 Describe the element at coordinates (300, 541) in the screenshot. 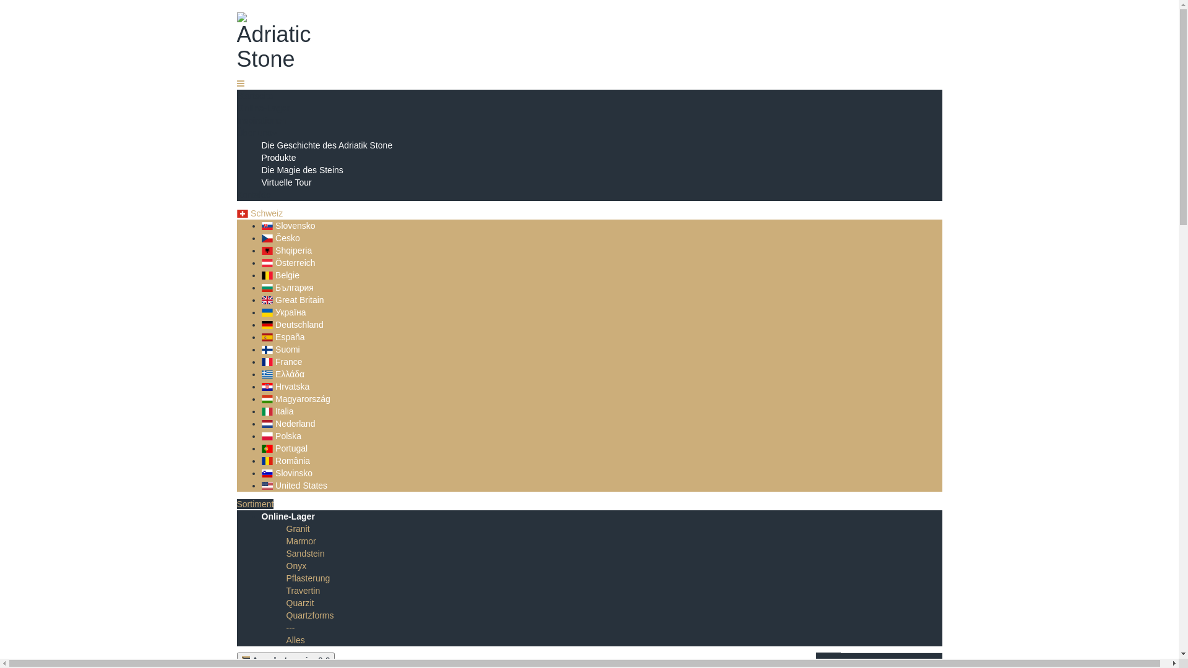

I see `'Marmor'` at that location.